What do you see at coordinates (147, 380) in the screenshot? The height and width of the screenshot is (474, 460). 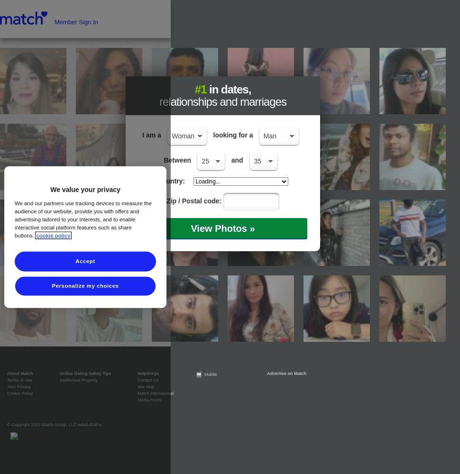 I see `'Contact Us'` at bounding box center [147, 380].